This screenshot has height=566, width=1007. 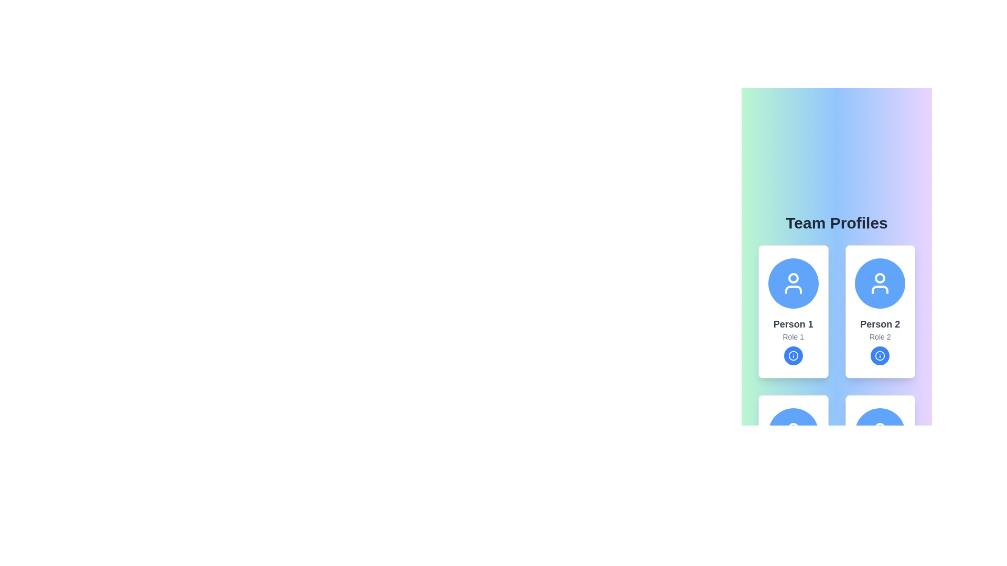 What do you see at coordinates (880, 337) in the screenshot?
I see `the text label indicating the role or title of the person represented by the second card from the left in the second row of the profile display grid, located beneath 'Person 2' and above the circular button with an 'info' icon` at bounding box center [880, 337].